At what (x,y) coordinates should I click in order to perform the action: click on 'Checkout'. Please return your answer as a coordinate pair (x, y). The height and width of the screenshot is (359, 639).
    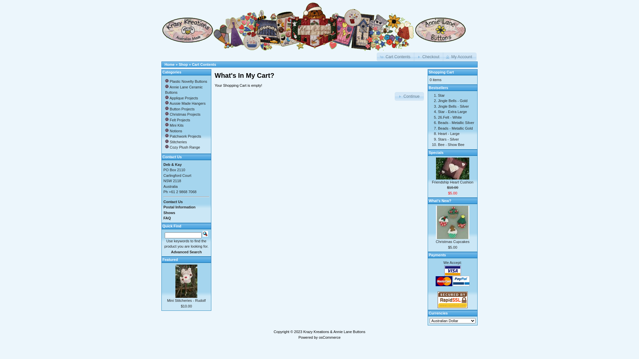
    Looking at the image, I should click on (429, 56).